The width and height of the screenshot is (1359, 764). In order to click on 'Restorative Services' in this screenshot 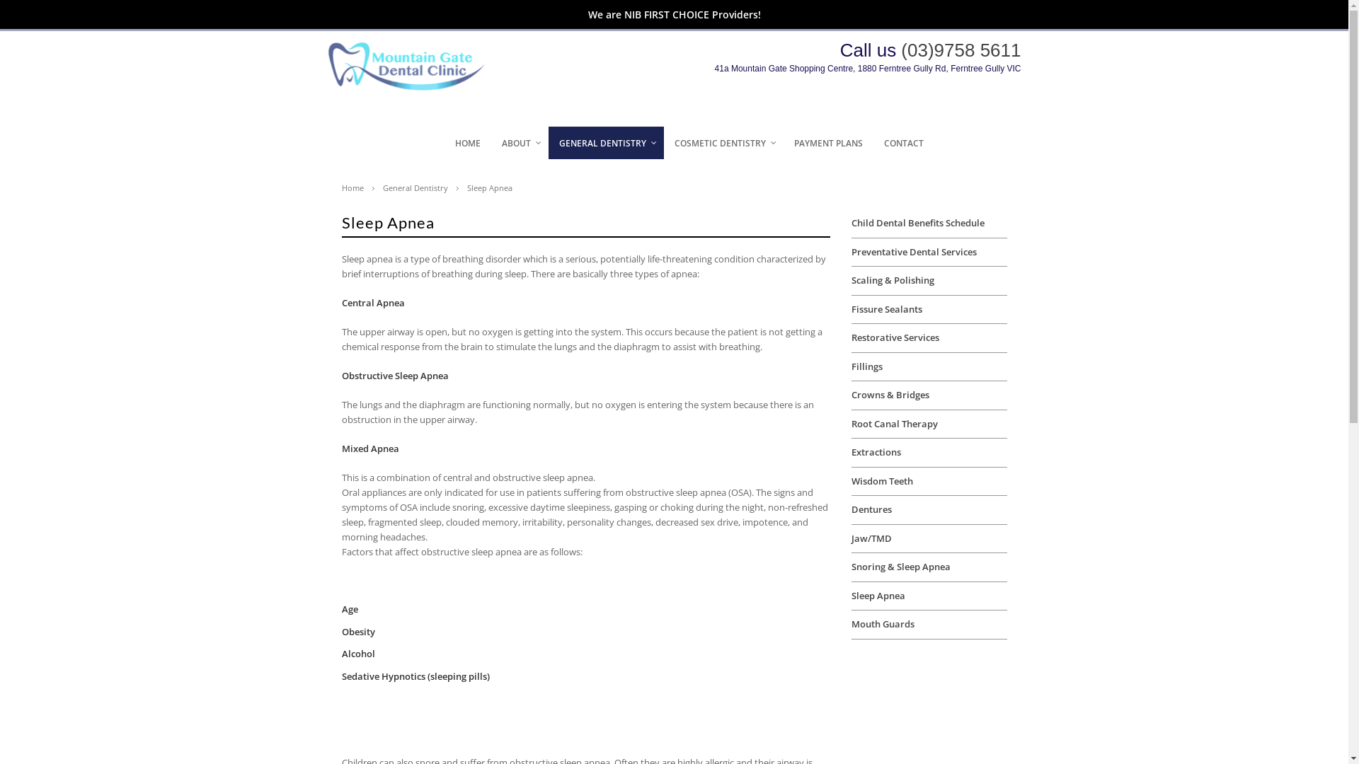, I will do `click(849, 337)`.